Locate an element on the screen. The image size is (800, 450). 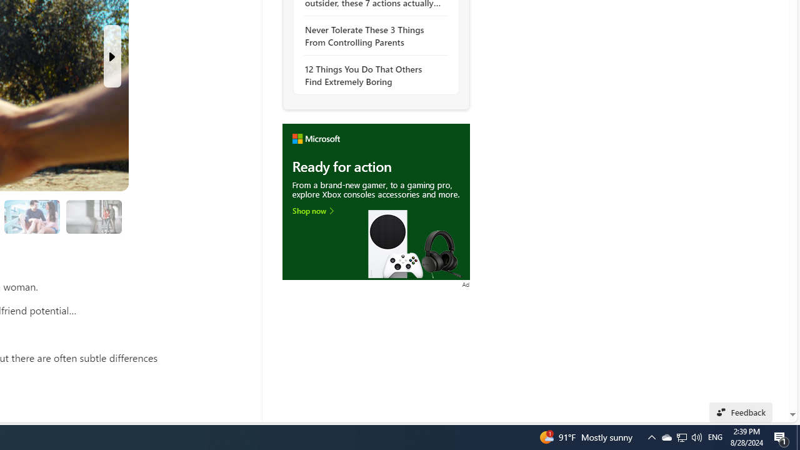
'To get missing image descriptions, open the context menu.' is located at coordinates (375, 202).